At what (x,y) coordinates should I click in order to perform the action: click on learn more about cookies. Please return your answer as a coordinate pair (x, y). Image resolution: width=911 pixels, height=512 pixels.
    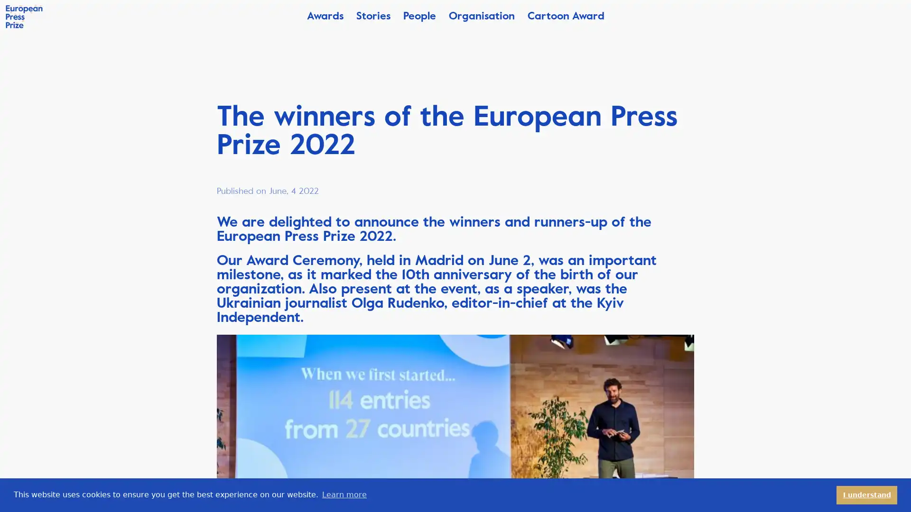
    Looking at the image, I should click on (344, 494).